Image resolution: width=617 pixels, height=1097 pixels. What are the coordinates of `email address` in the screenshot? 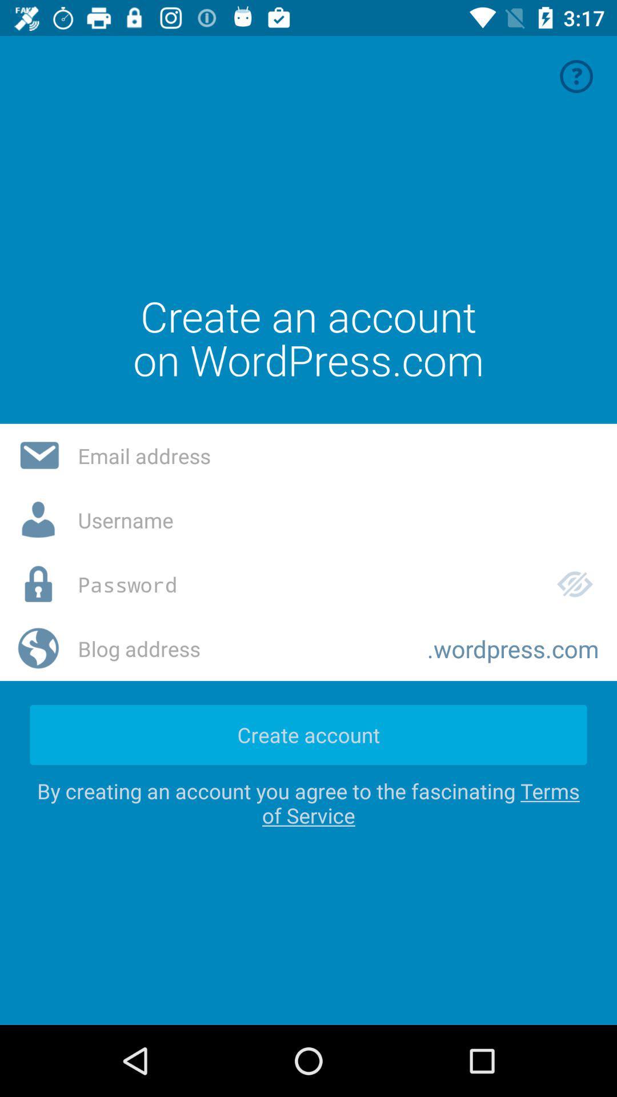 It's located at (338, 455).